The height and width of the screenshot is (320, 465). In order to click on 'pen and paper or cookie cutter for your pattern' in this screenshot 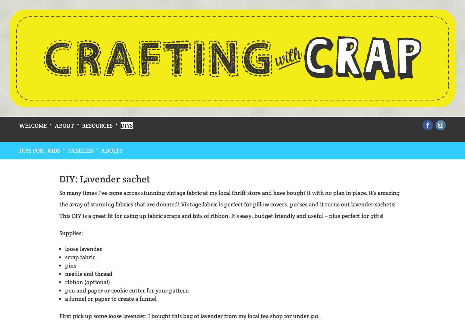, I will do `click(126, 290)`.